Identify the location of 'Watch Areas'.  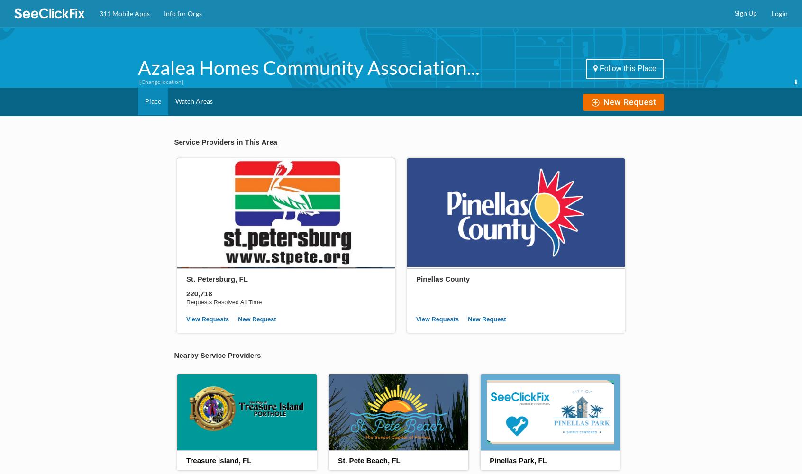
(194, 100).